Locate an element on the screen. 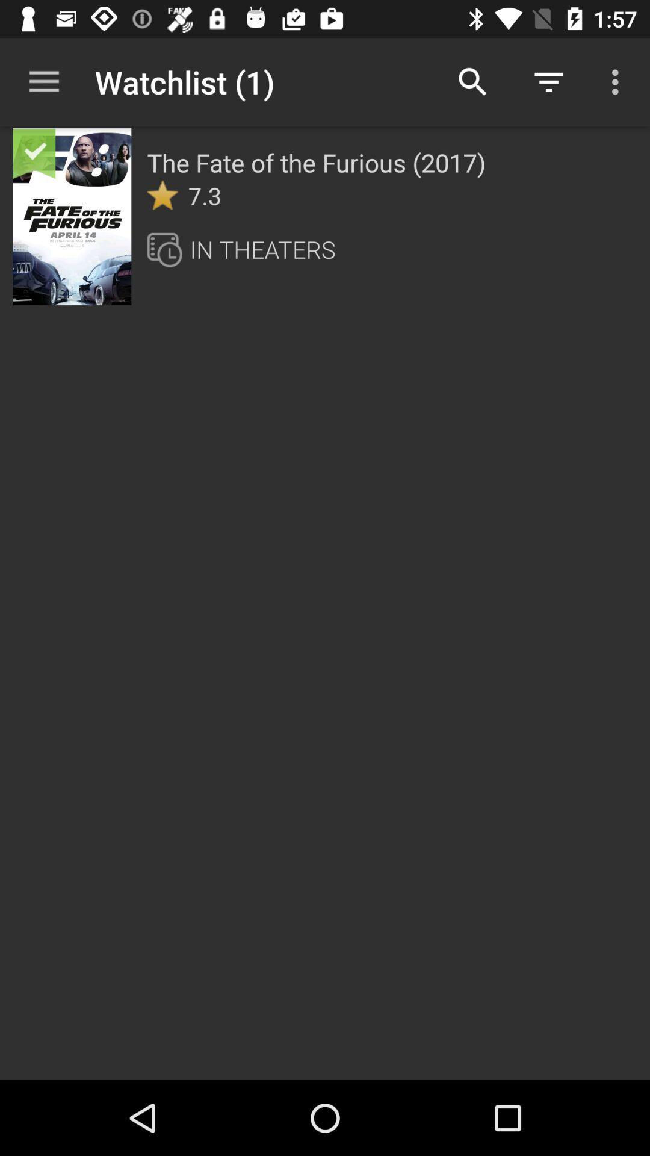 The width and height of the screenshot is (650, 1156). the item to the left of 7.3 is located at coordinates (162, 195).